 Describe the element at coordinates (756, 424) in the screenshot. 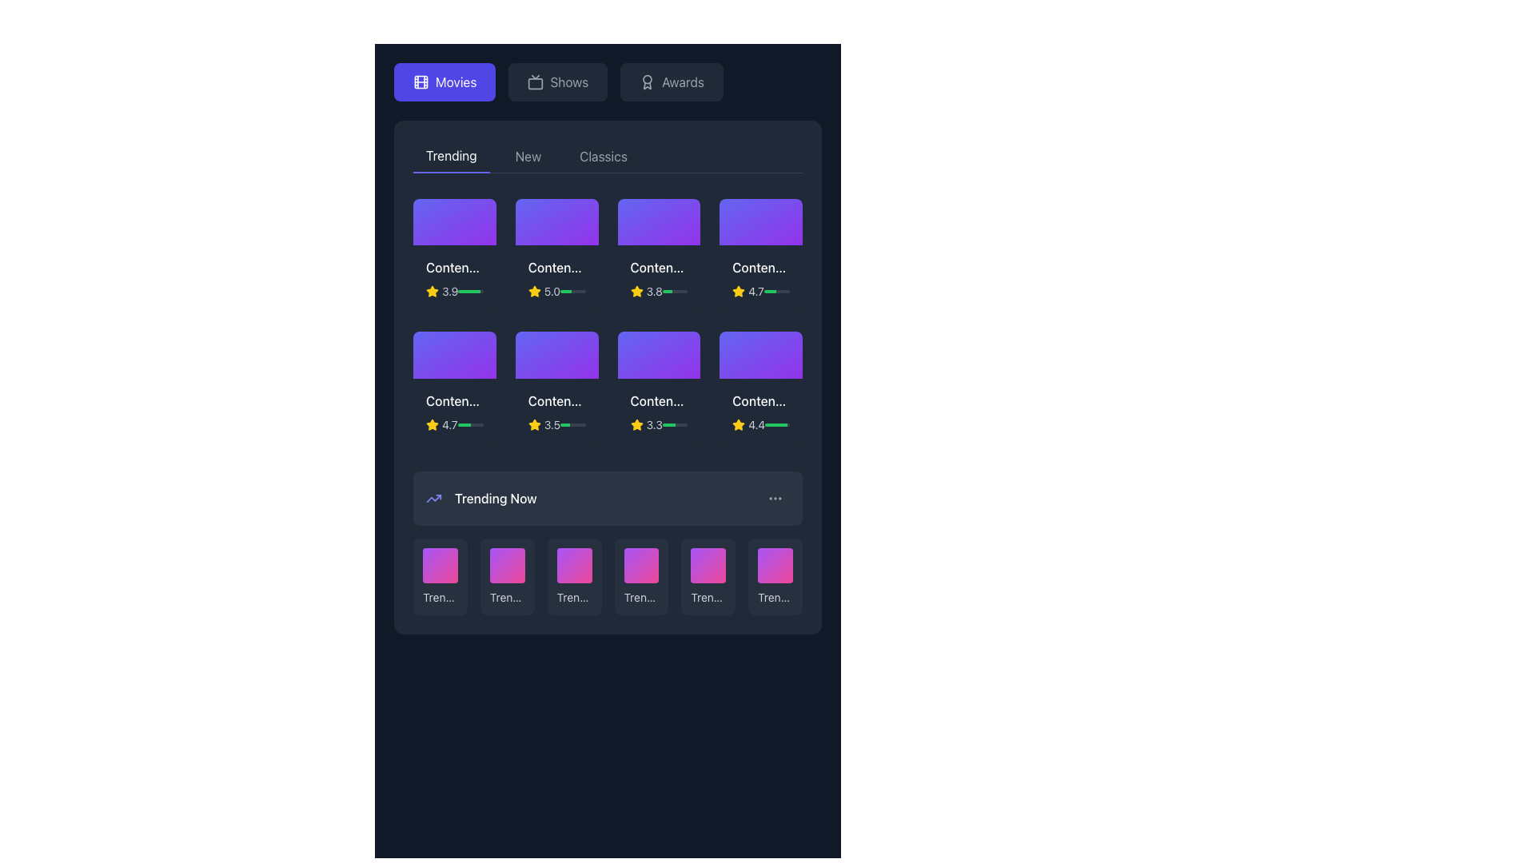

I see `the static text label indicating the rating value located in the last card of the bottommost row in the 'Trending' section` at that location.